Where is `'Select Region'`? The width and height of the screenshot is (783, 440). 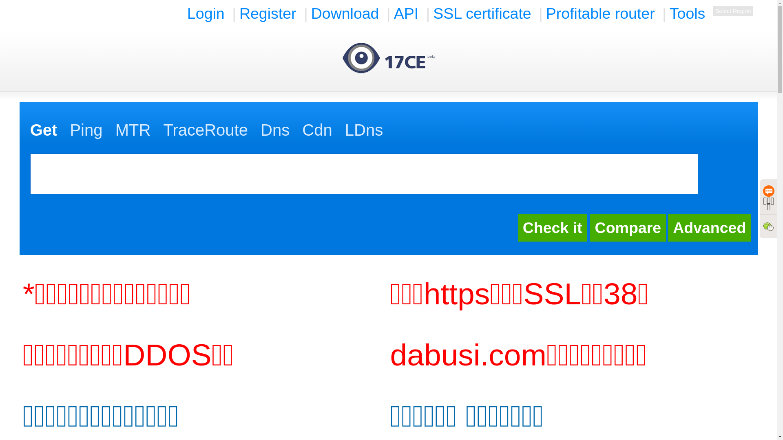
'Select Region' is located at coordinates (733, 11).